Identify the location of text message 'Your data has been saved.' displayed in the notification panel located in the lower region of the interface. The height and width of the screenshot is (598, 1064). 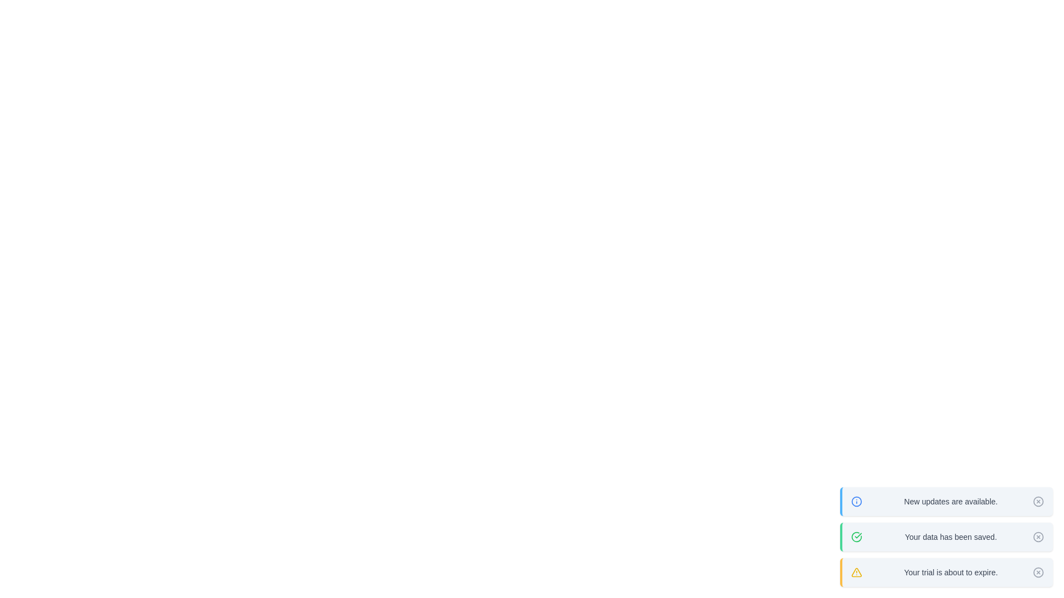
(950, 536).